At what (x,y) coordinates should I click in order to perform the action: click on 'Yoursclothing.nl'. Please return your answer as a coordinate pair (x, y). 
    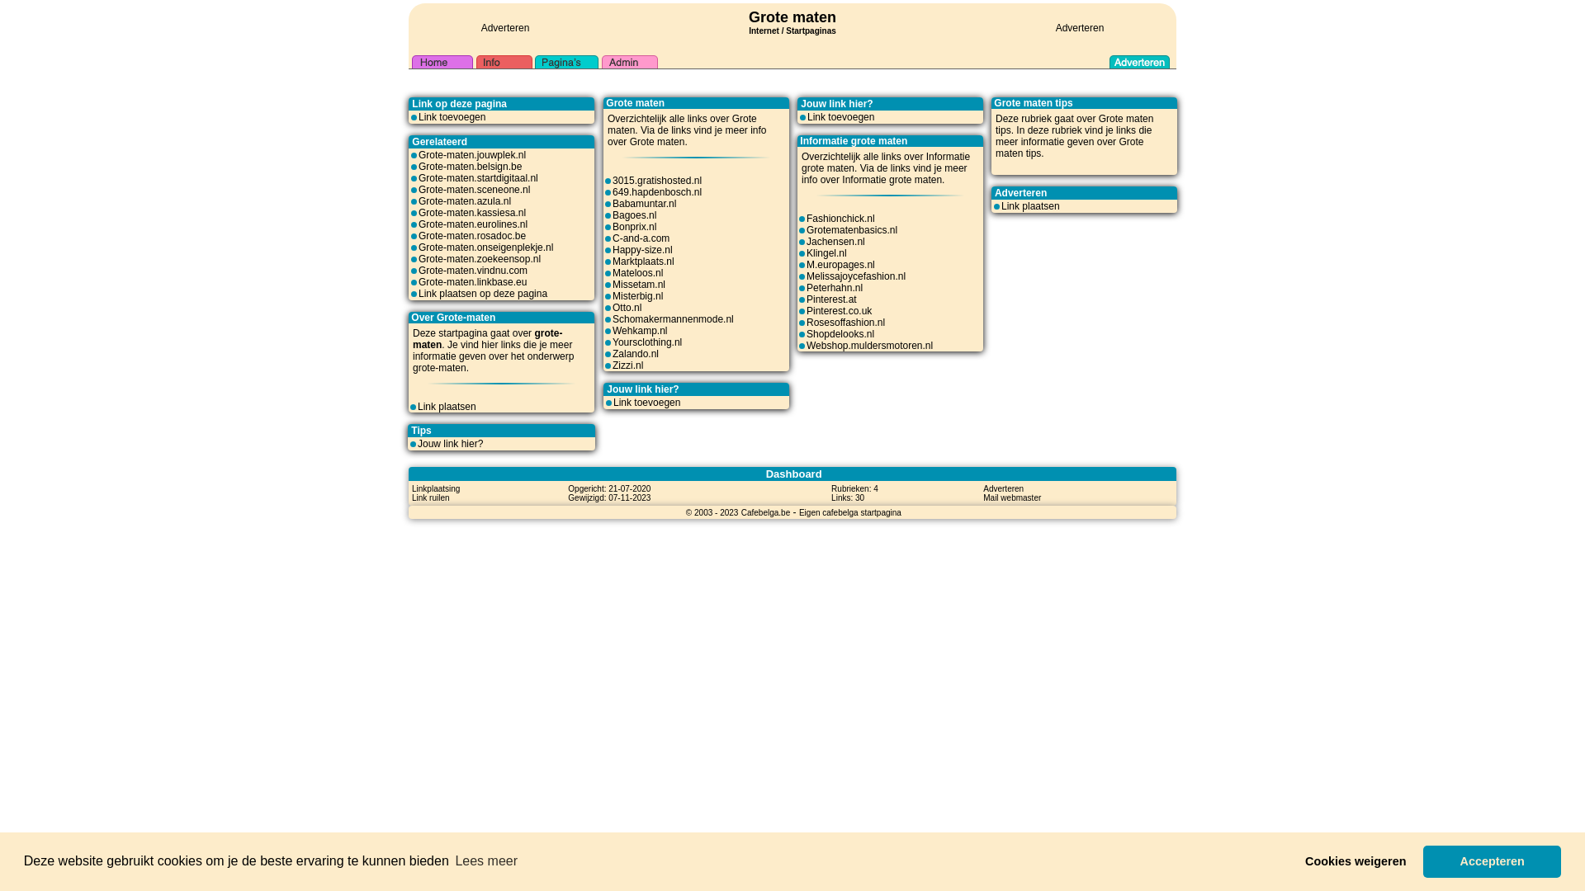
    Looking at the image, I should click on (646, 342).